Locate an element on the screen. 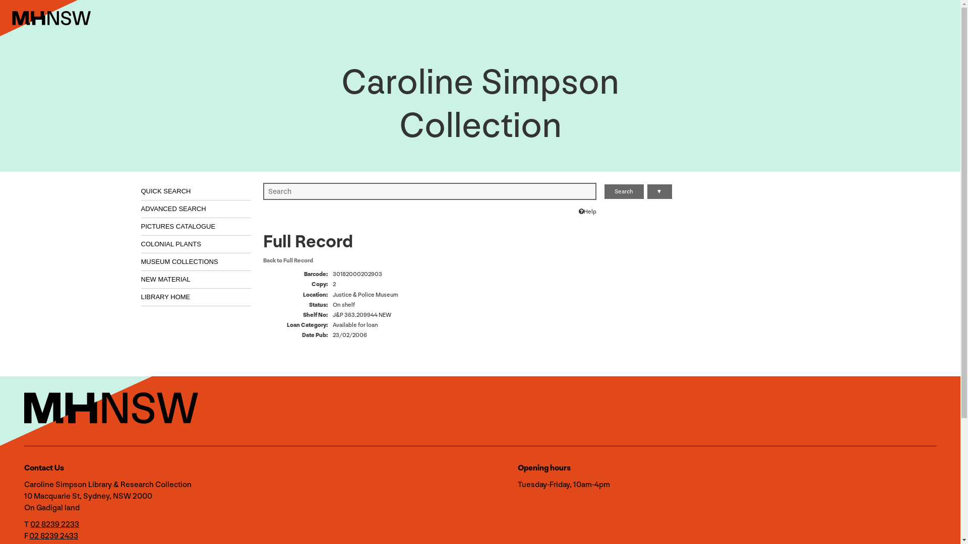 The width and height of the screenshot is (968, 544). 'Search' is located at coordinates (624, 191).